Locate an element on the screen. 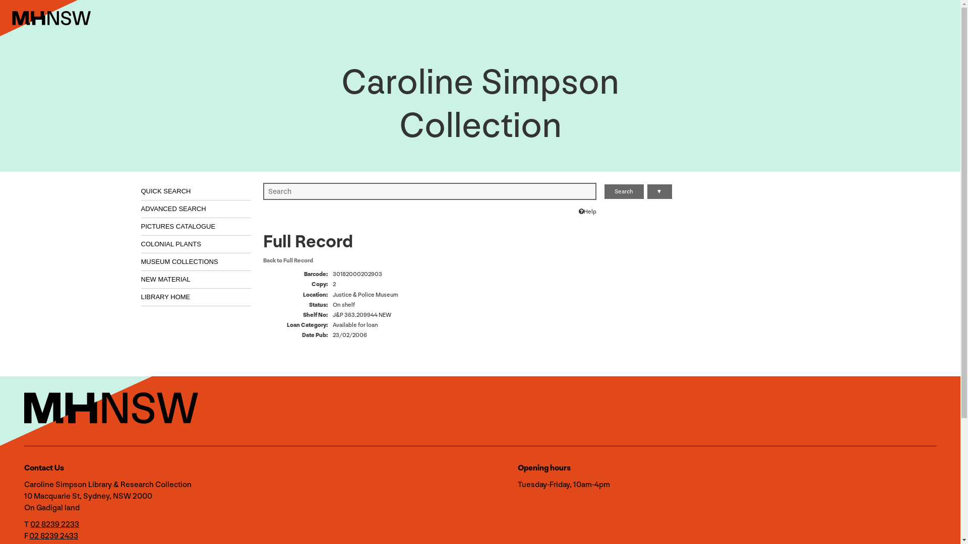 The width and height of the screenshot is (968, 544). 'Search' is located at coordinates (624, 191).